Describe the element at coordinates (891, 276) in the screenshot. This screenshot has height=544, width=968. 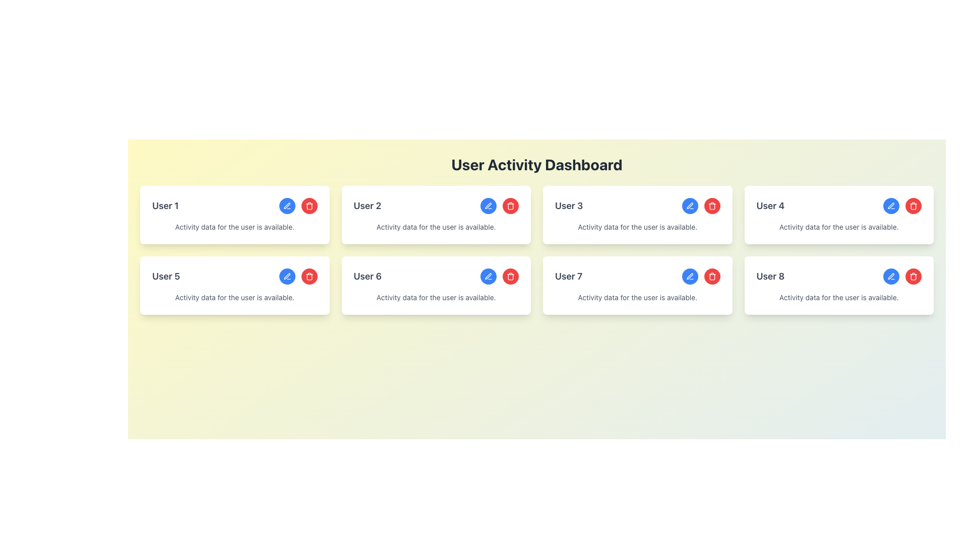
I see `the pen icon within the blue circular background` at that location.